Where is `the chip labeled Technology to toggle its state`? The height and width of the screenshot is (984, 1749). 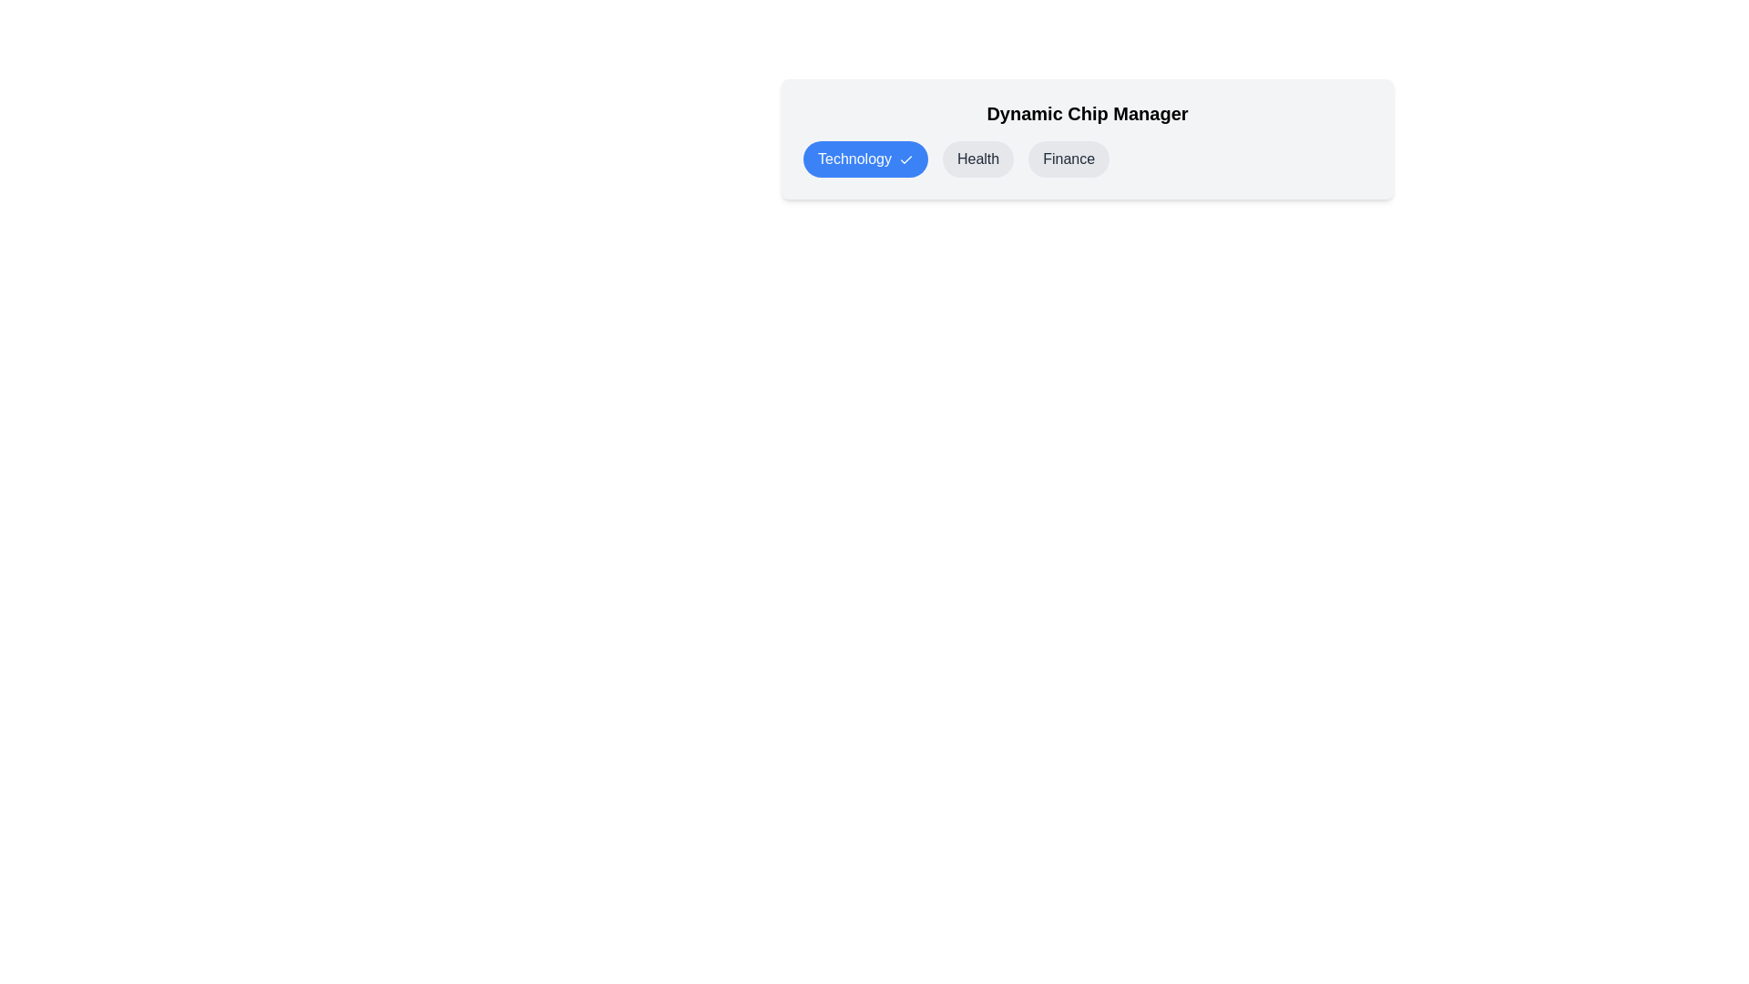 the chip labeled Technology to toggle its state is located at coordinates (864, 158).